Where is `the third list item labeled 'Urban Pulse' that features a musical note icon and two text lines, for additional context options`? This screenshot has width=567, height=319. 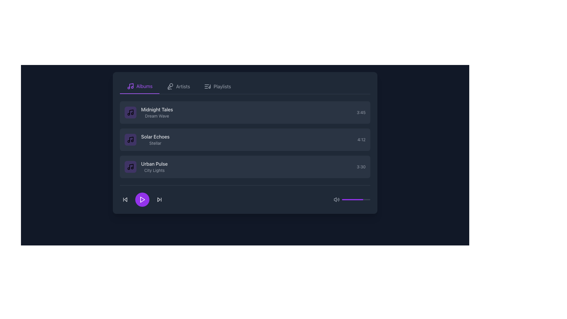
the third list item labeled 'Urban Pulse' that features a musical note icon and two text lines, for additional context options is located at coordinates (146, 167).